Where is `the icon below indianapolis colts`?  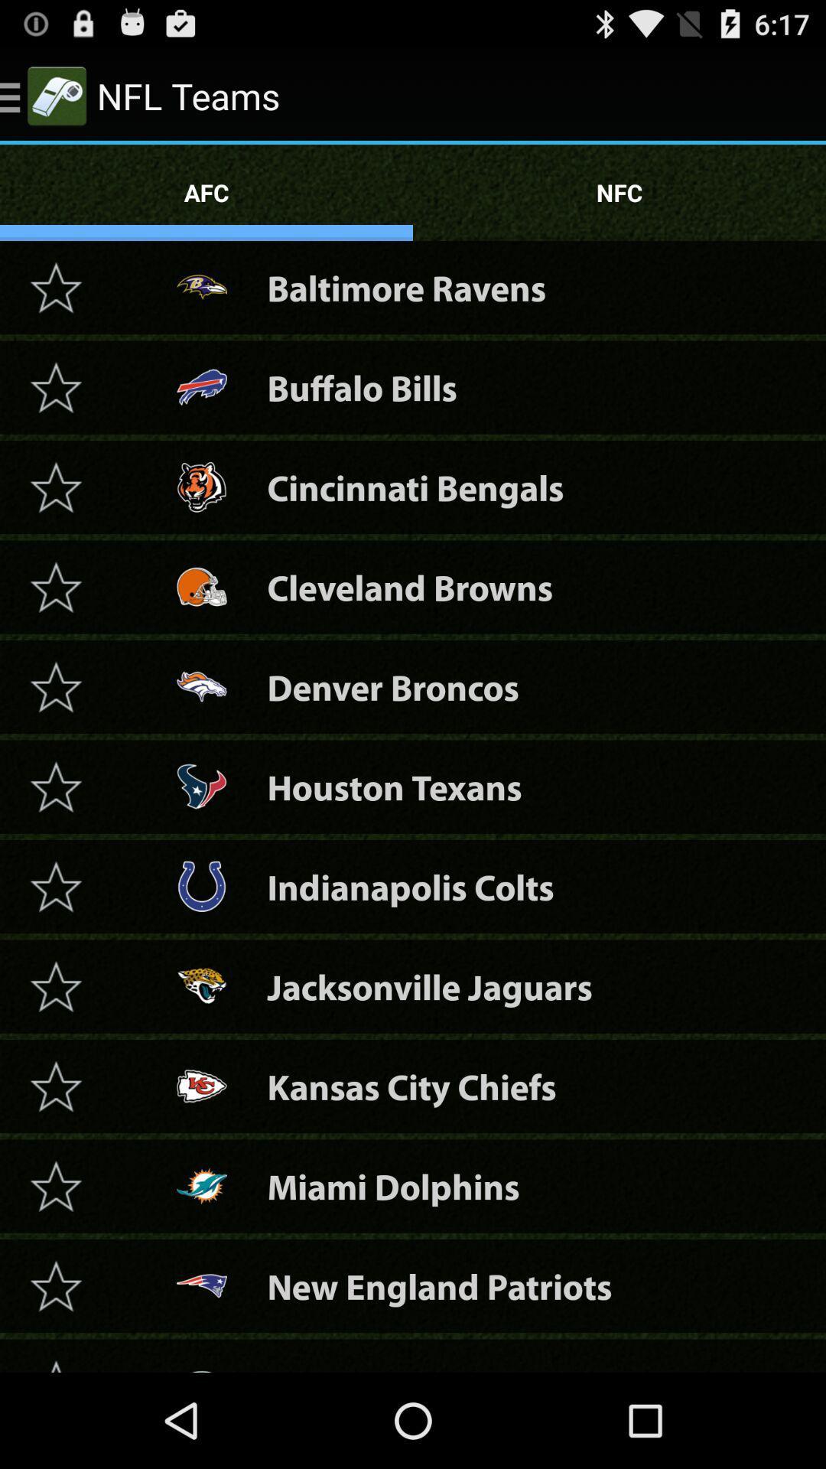
the icon below indianapolis colts is located at coordinates (430, 986).